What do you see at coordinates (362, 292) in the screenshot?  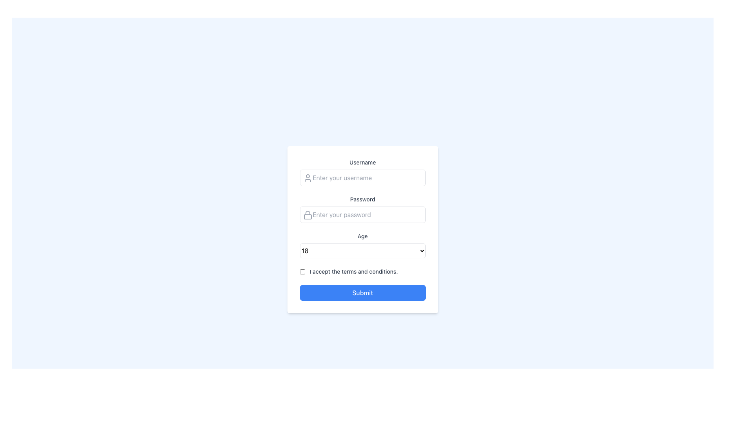 I see `the 'Submit' button, which is a wide rectangular button with rounded corners and the text 'Submit' in white bold font, located at the bottom of a centered card-style form interface` at bounding box center [362, 292].